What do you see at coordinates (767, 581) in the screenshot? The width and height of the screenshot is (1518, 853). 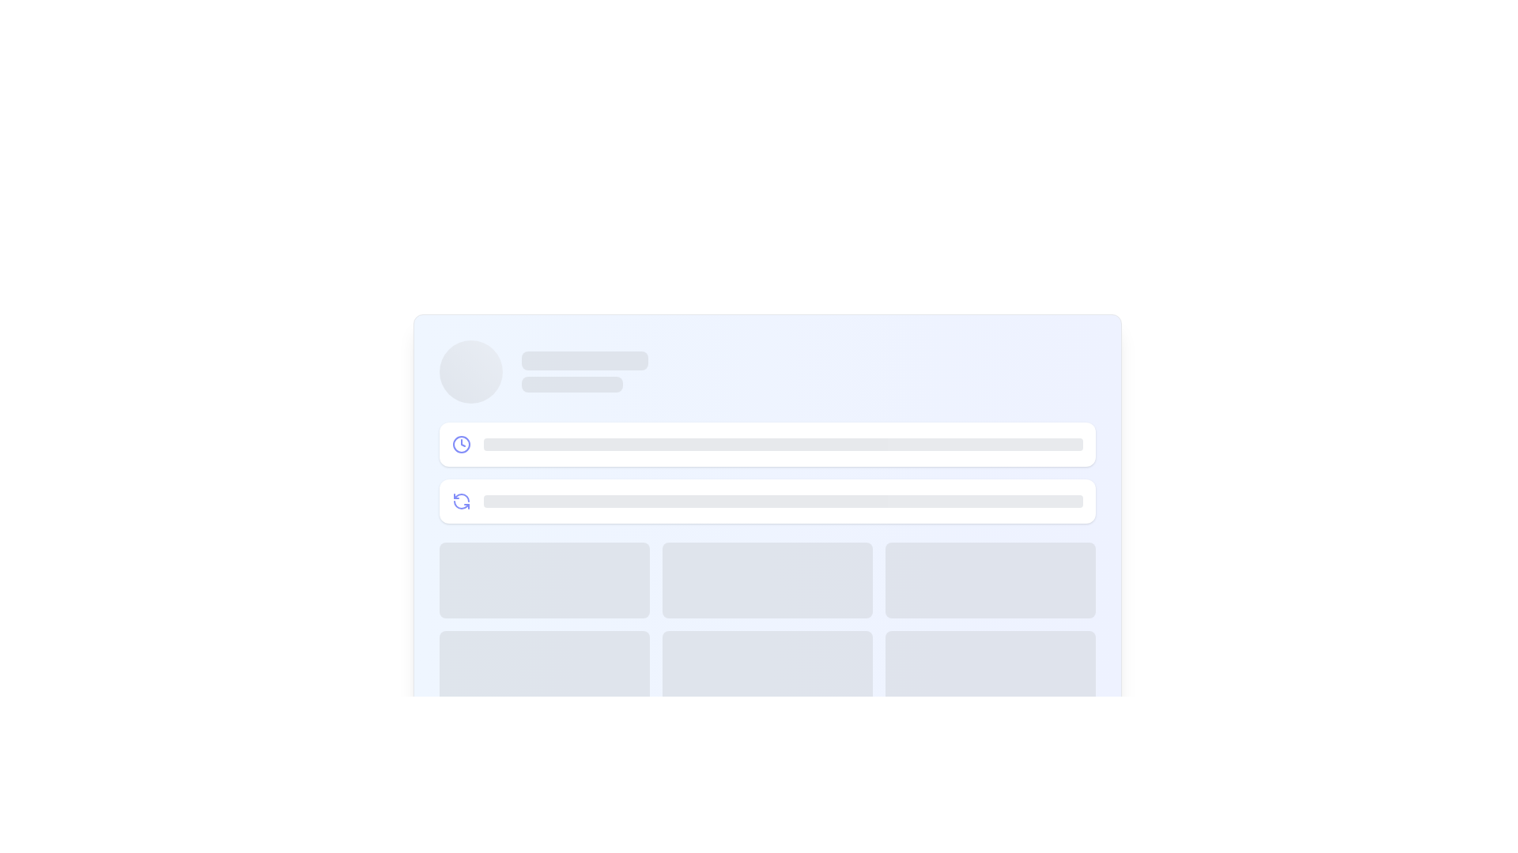 I see `the placeholder element located in the second column of the first row within a 3x2 grid layout, which indicates a loading state or unrendered dynamic content area` at bounding box center [767, 581].